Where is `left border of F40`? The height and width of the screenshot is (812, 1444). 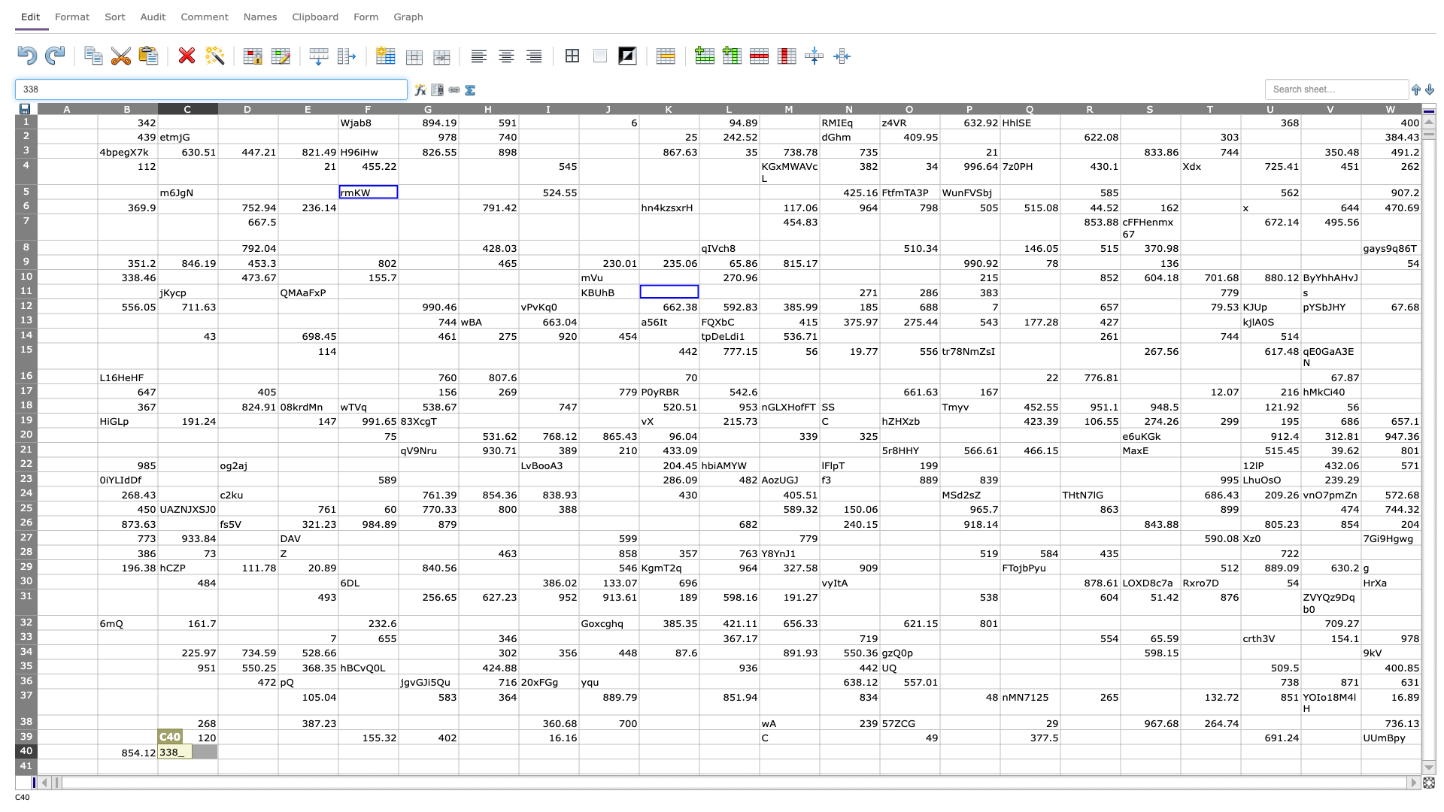
left border of F40 is located at coordinates (338, 751).